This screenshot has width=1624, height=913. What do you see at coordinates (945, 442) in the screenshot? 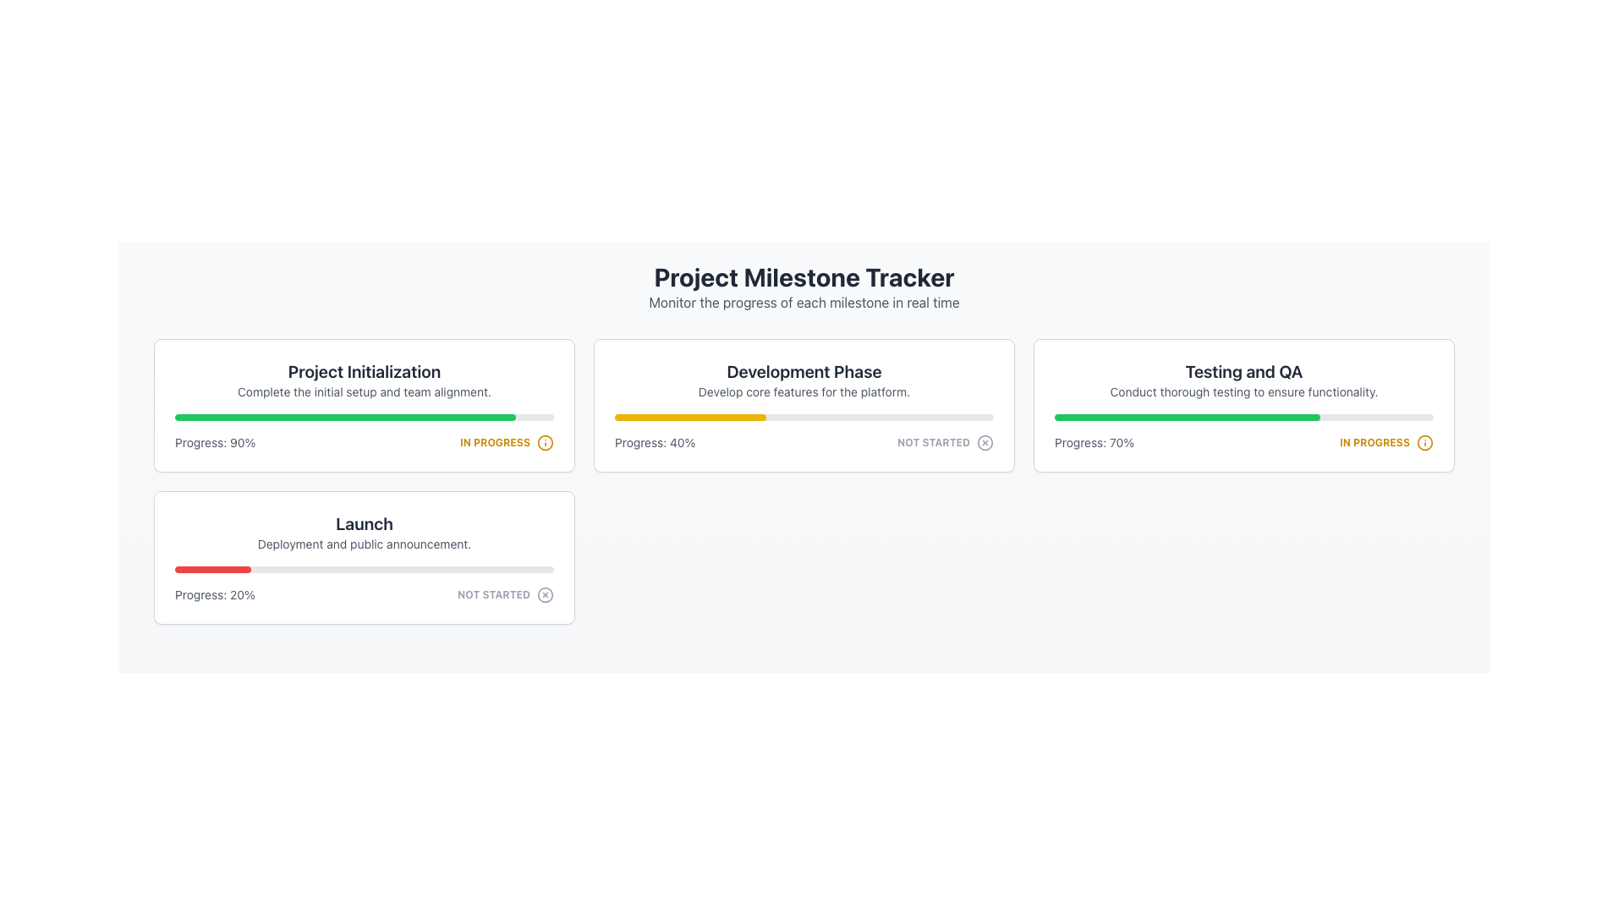
I see `the Status indicator or badge located in the bottom-right section of the 'Development Phase' card, which indicates that the phase has not yet commenced` at bounding box center [945, 442].